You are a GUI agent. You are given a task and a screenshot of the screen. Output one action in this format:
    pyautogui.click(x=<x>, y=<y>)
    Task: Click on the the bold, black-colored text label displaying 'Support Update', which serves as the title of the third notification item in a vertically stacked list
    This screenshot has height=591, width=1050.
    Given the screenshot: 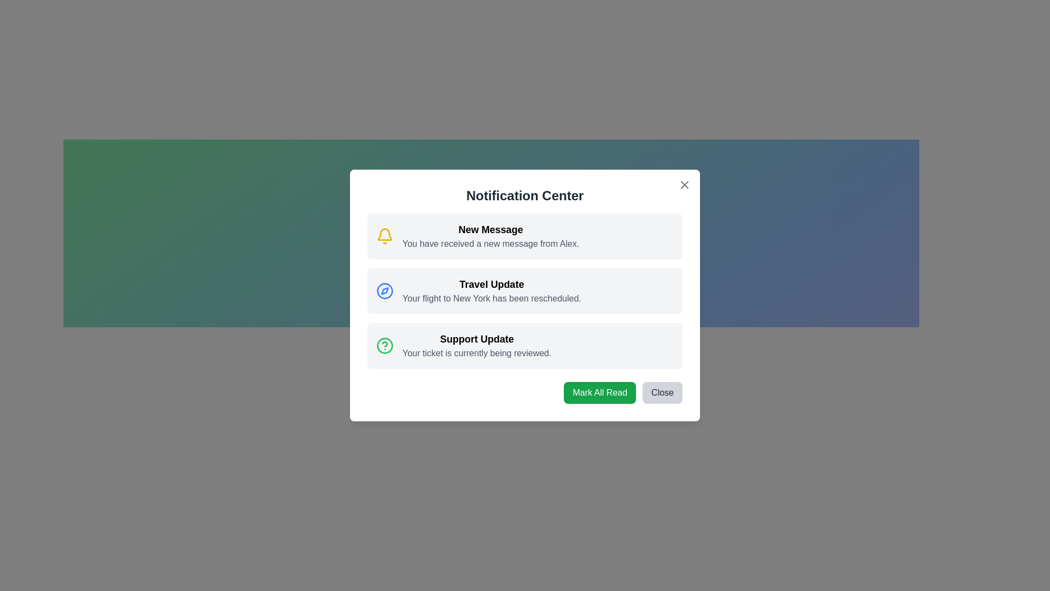 What is the action you would take?
    pyautogui.click(x=477, y=339)
    